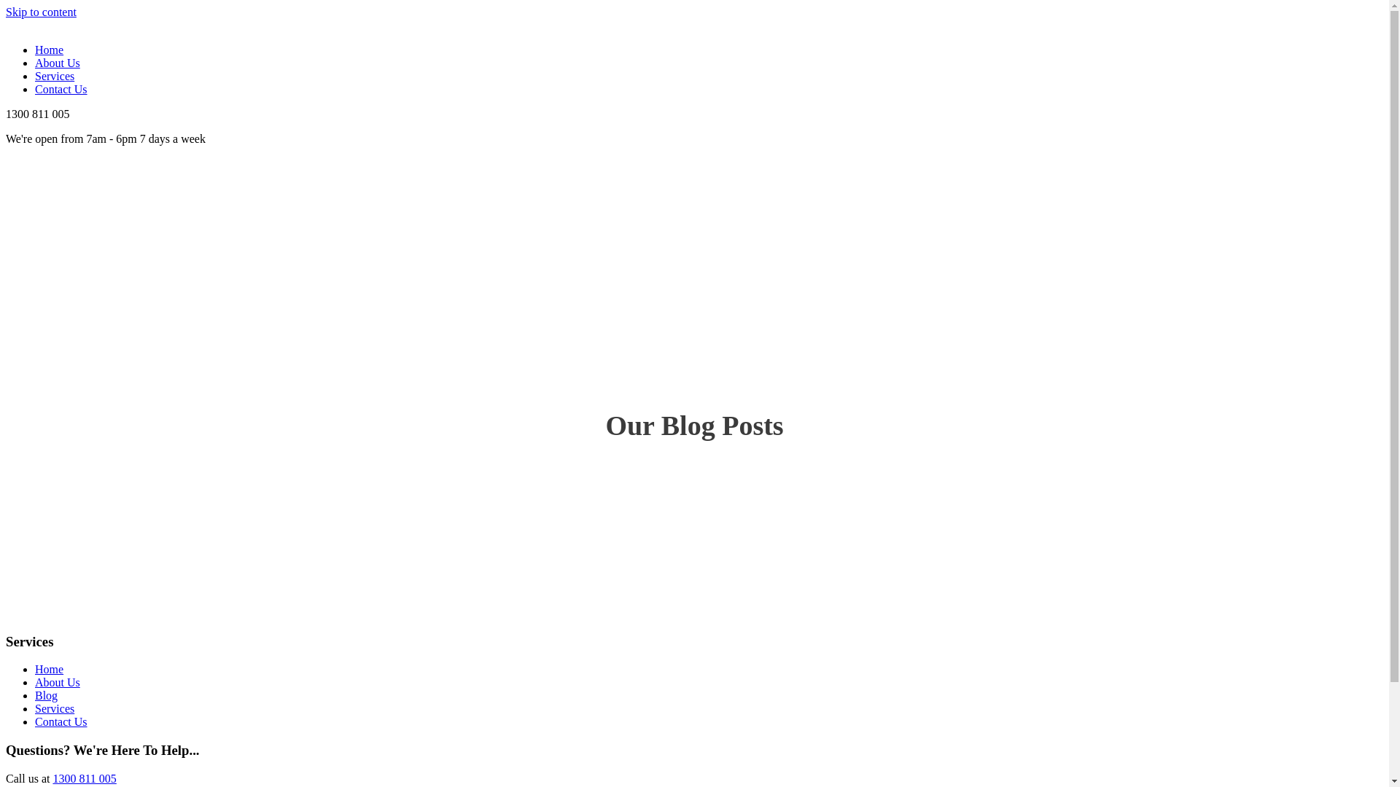  Describe the element at coordinates (35, 694) in the screenshot. I see `'Blog'` at that location.